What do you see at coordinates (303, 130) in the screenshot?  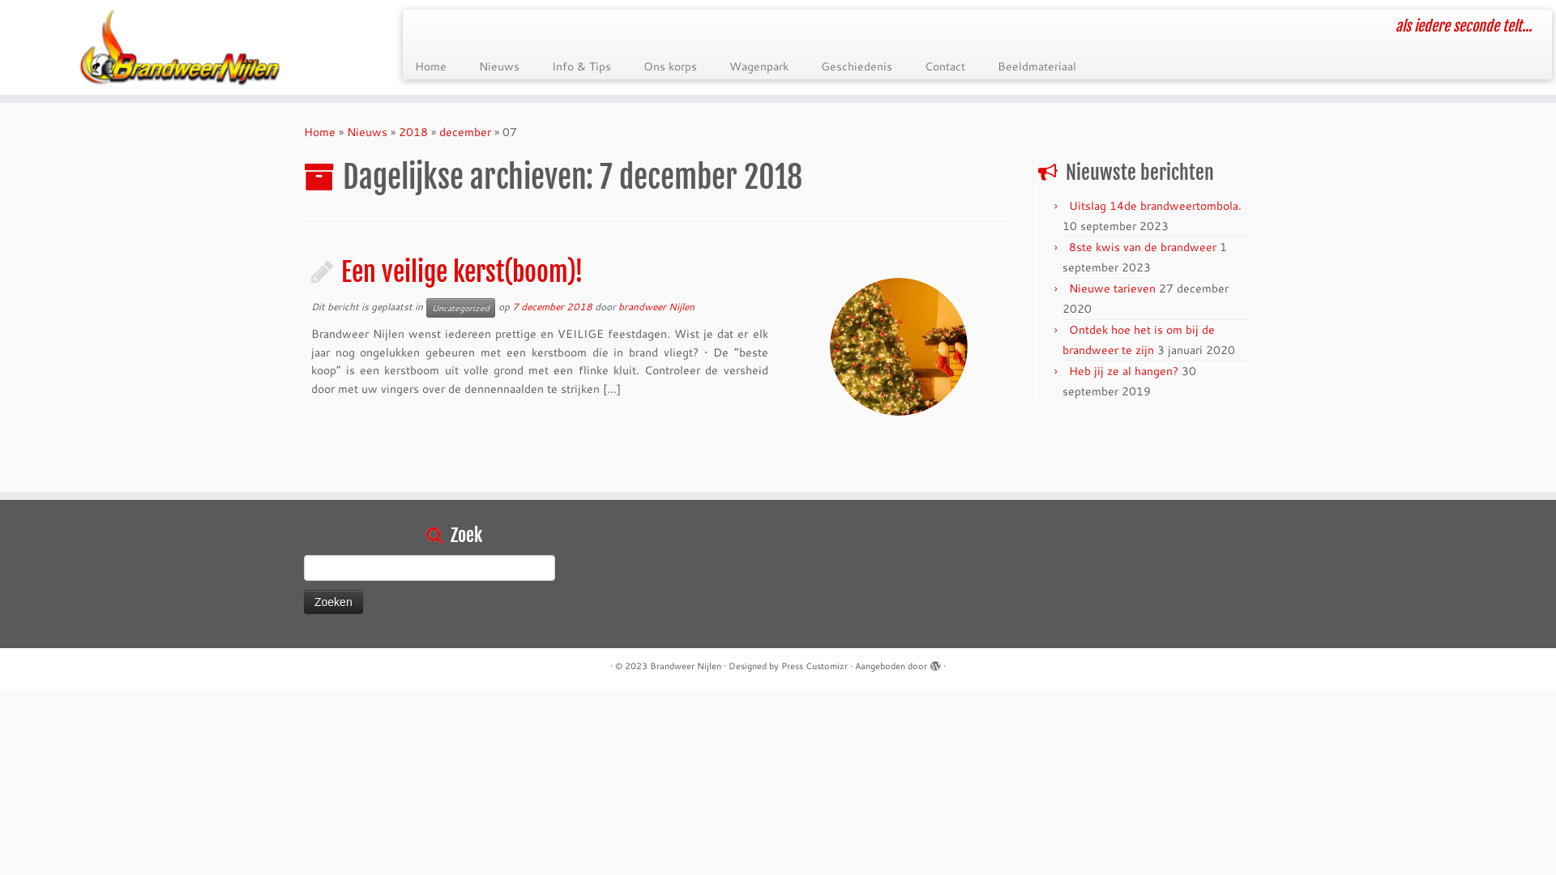 I see `'Home'` at bounding box center [303, 130].